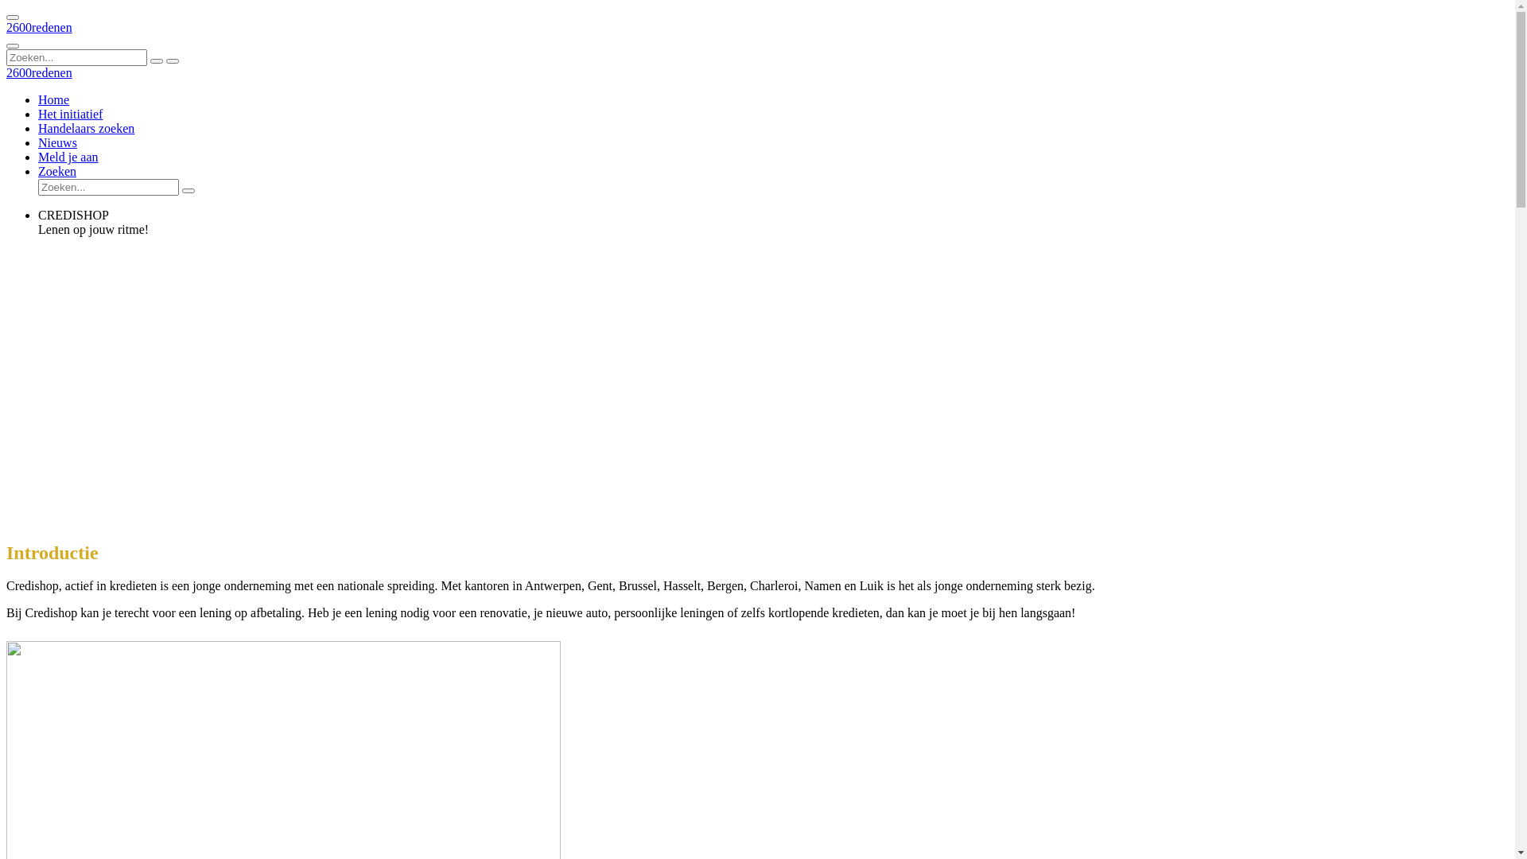 The height and width of the screenshot is (859, 1527). What do you see at coordinates (39, 72) in the screenshot?
I see `'2600redenen'` at bounding box center [39, 72].